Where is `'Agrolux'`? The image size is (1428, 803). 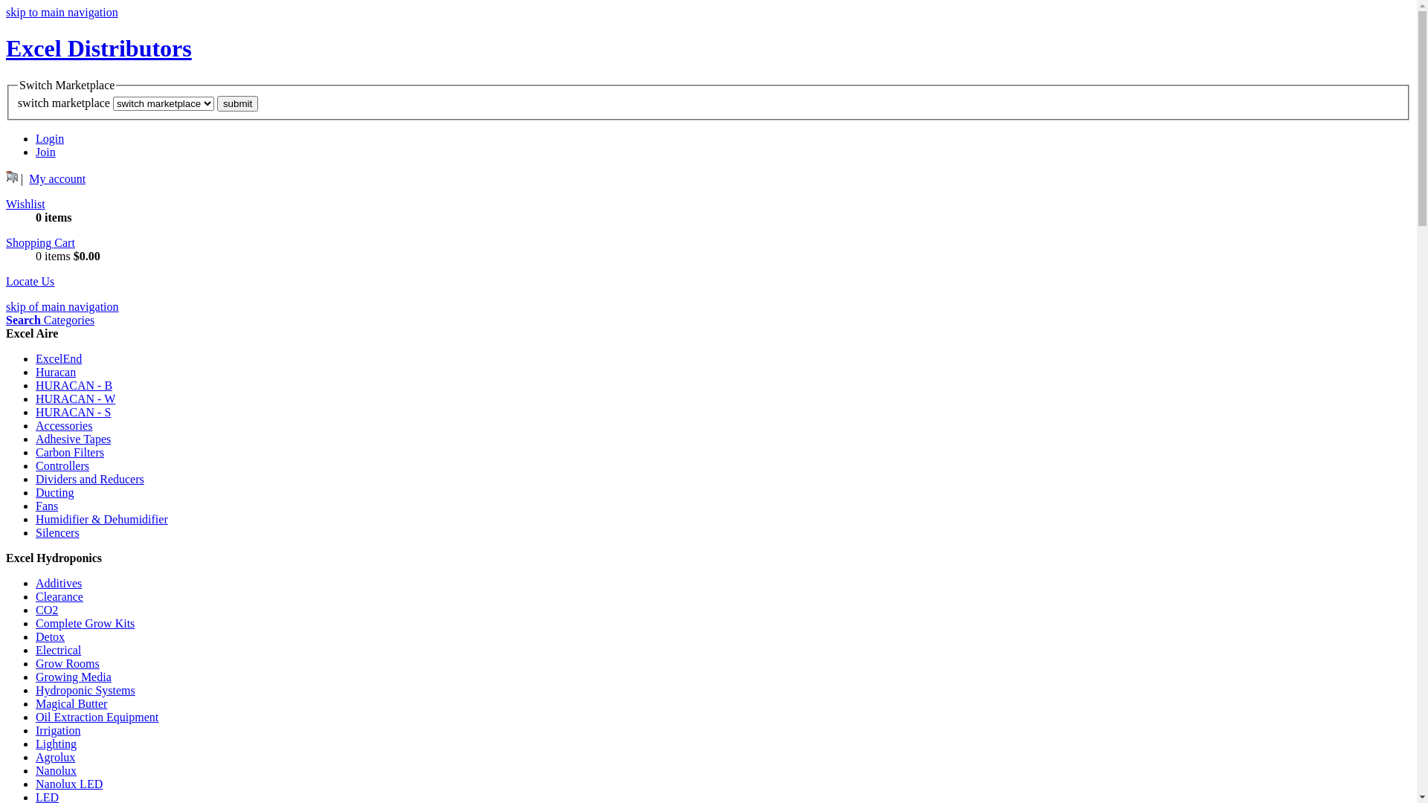 'Agrolux' is located at coordinates (55, 757).